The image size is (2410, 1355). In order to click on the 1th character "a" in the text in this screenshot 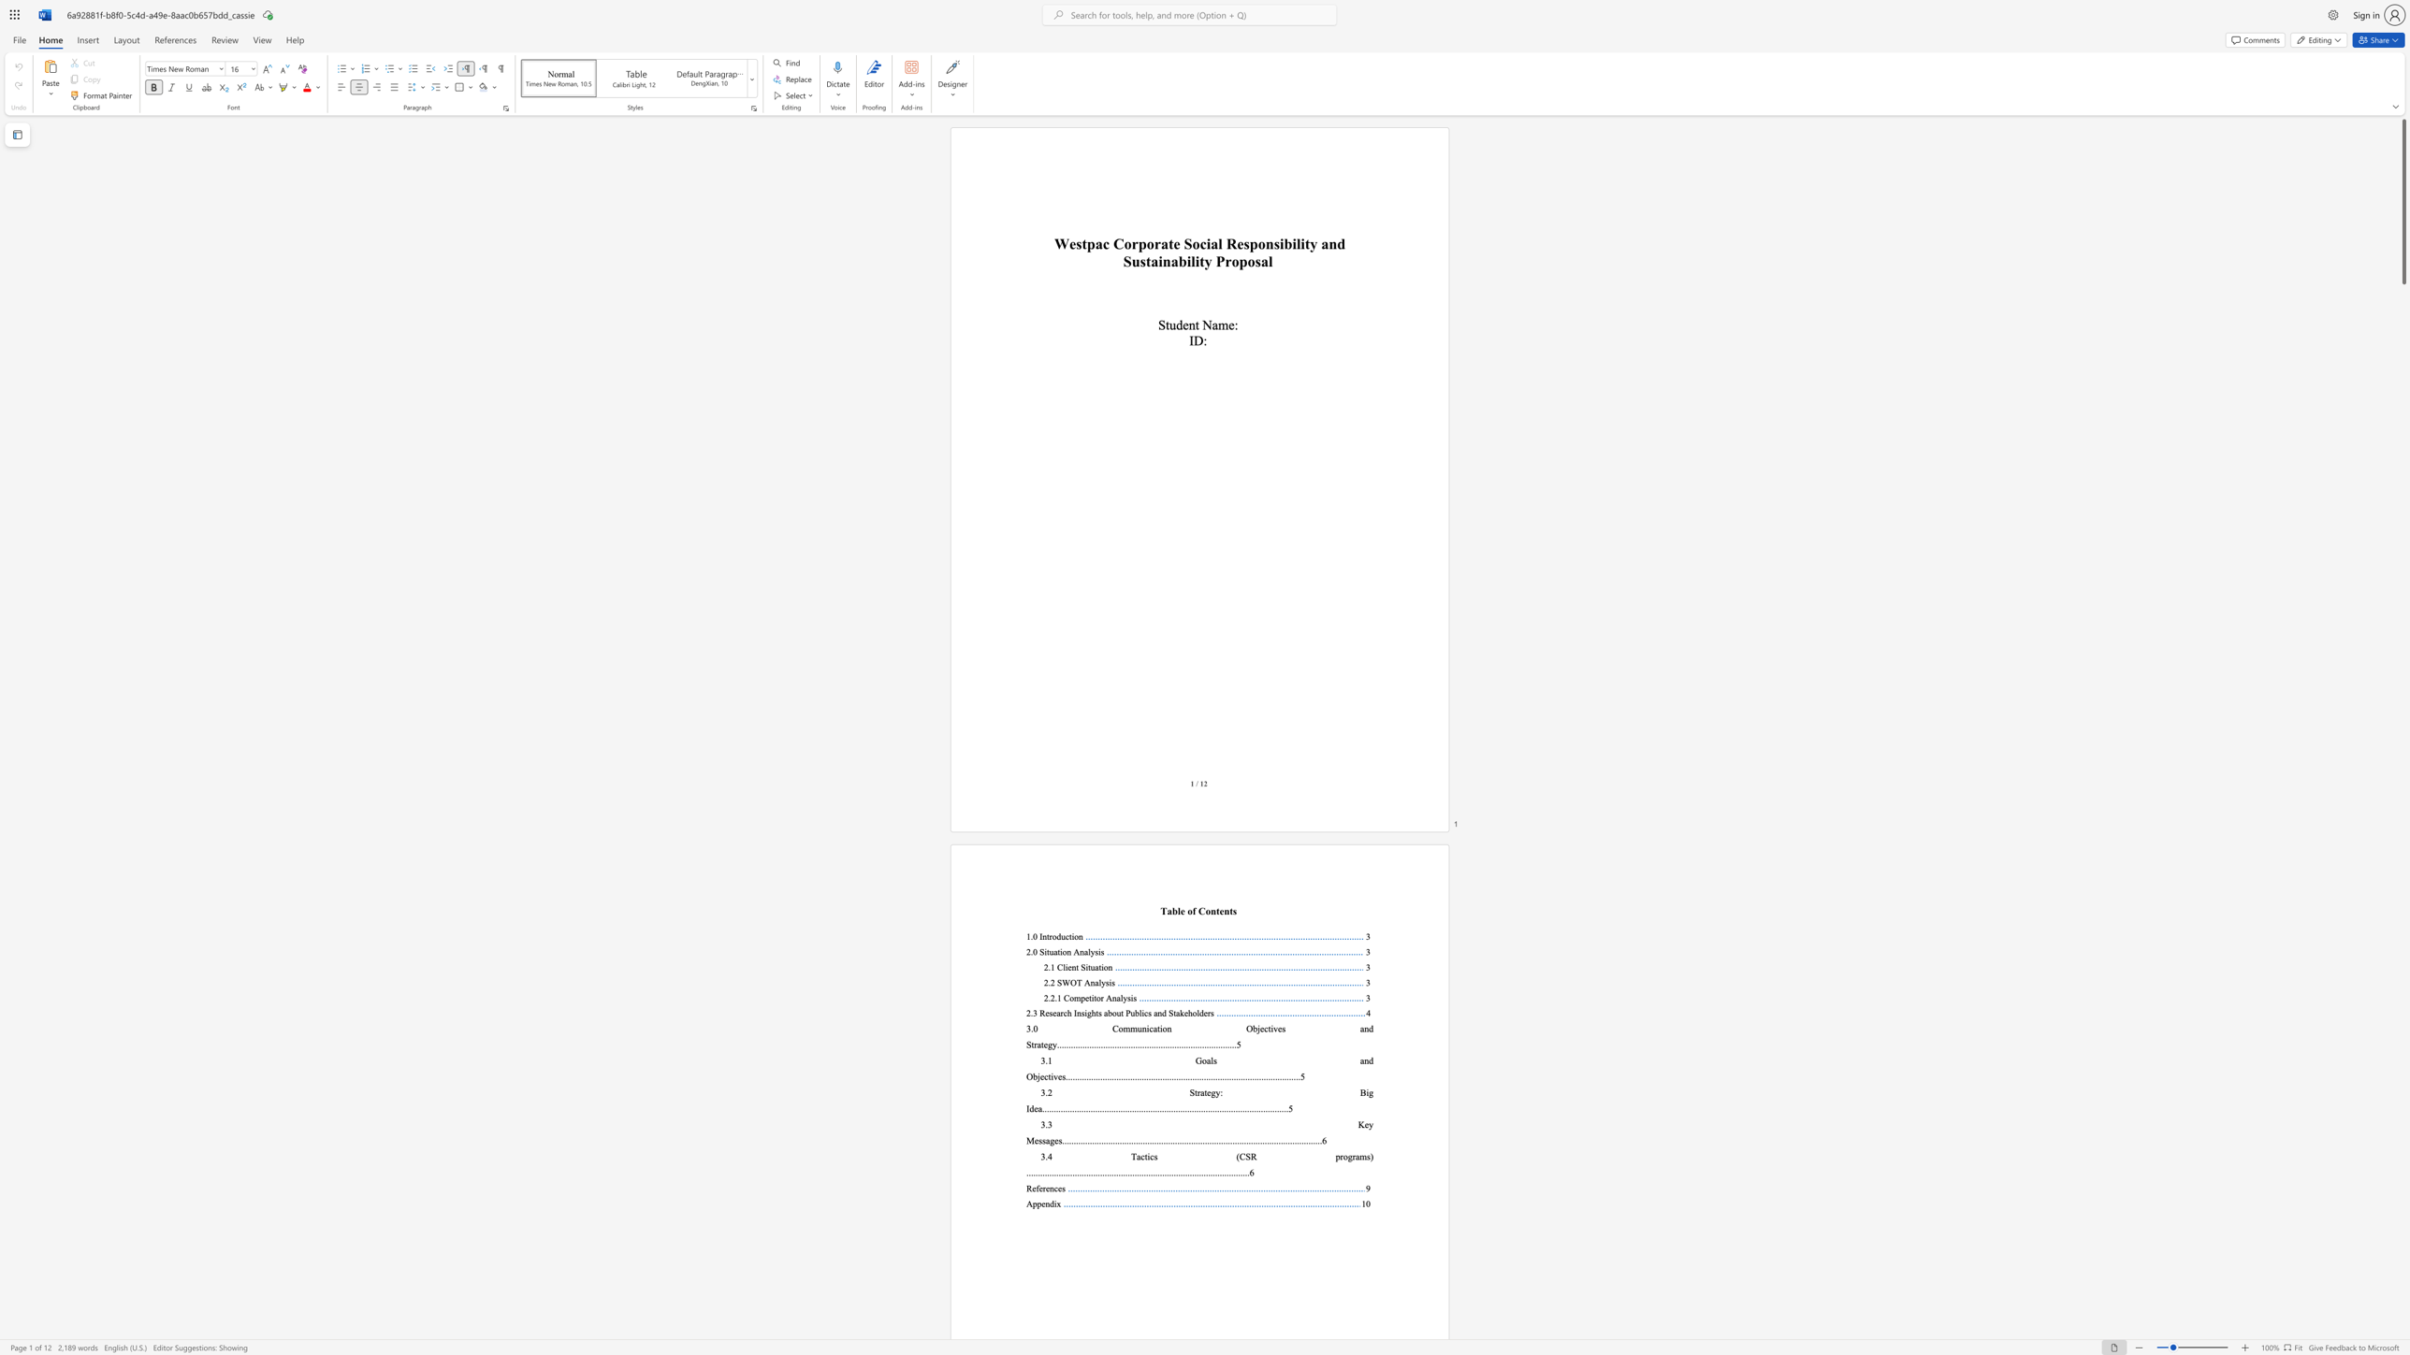, I will do `click(1055, 951)`.